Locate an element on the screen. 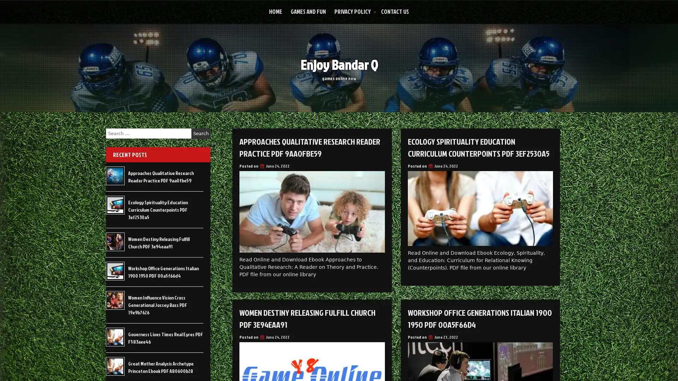 The width and height of the screenshot is (678, 381). Search is located at coordinates (201, 133).